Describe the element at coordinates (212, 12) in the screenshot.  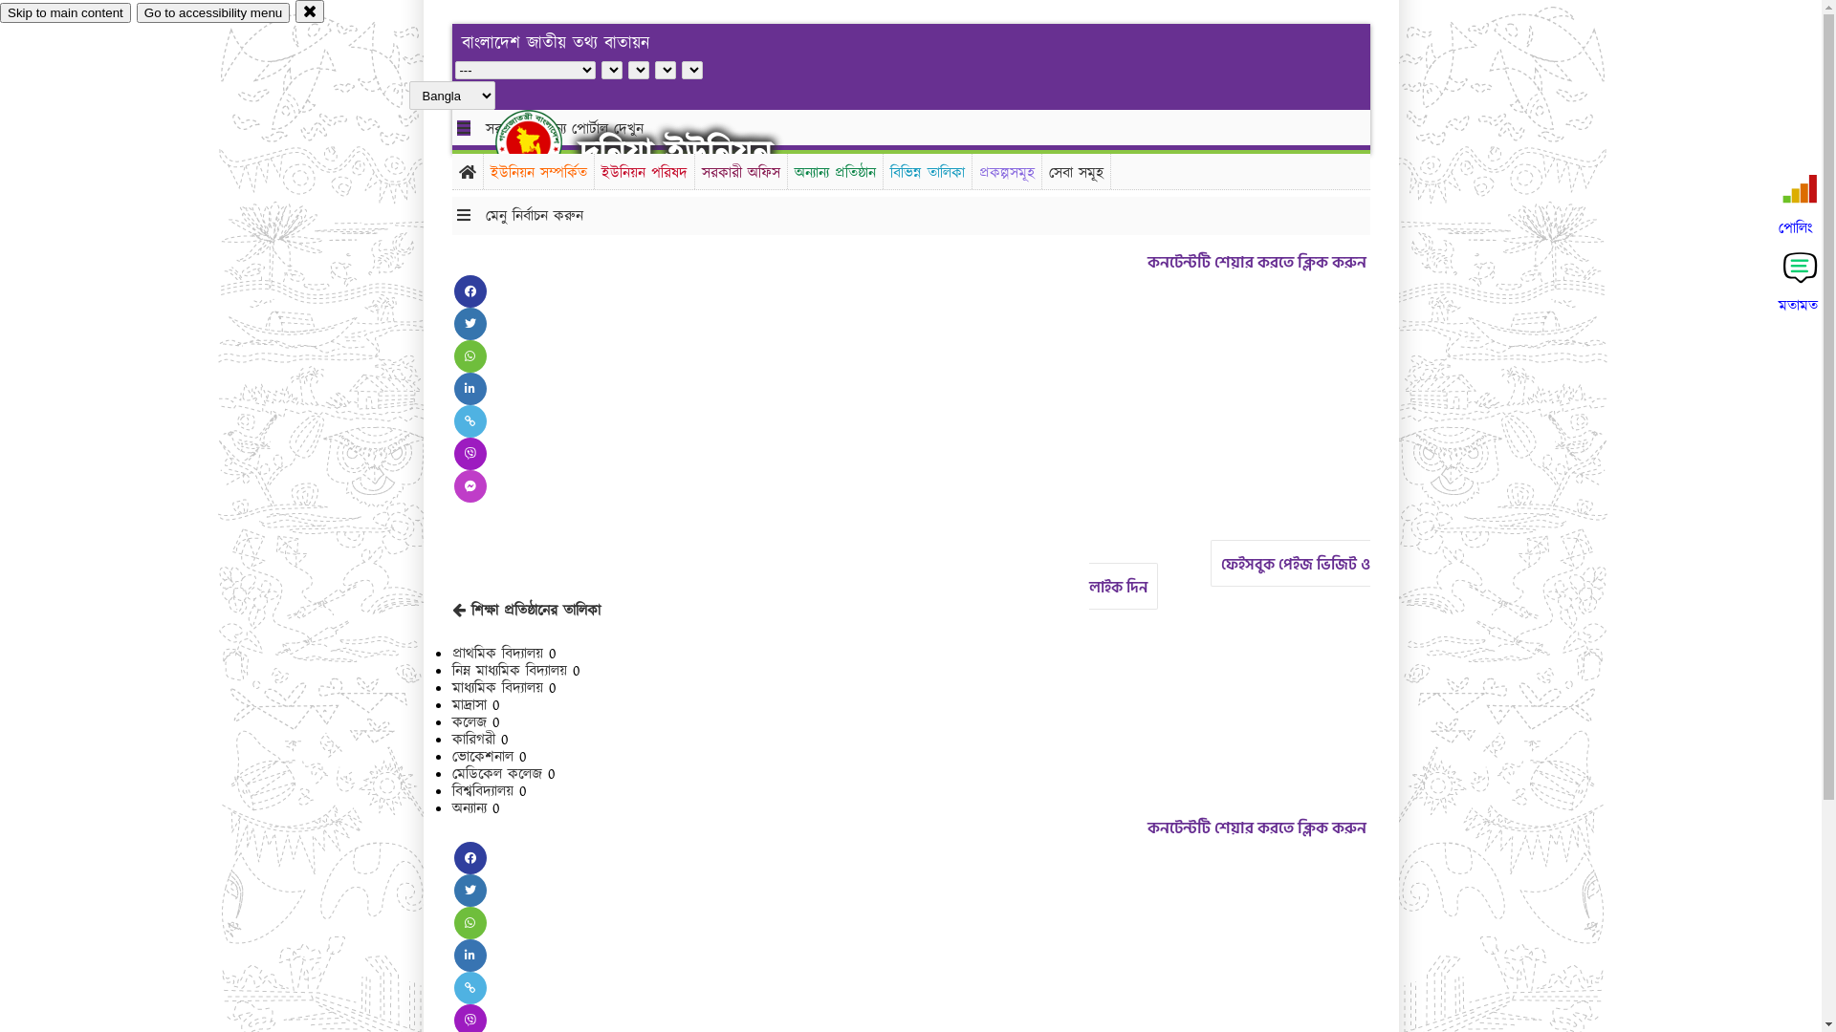
I see `'Go to accessibility menu'` at that location.